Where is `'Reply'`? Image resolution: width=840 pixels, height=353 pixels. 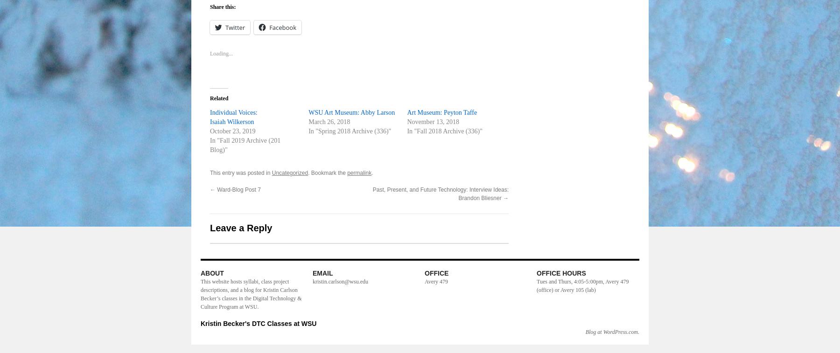 'Reply' is located at coordinates (483, 305).